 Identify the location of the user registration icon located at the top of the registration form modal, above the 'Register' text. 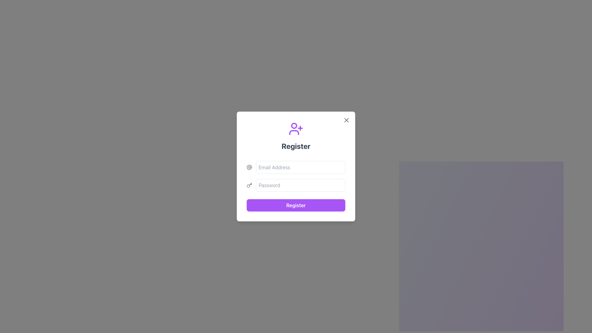
(296, 128).